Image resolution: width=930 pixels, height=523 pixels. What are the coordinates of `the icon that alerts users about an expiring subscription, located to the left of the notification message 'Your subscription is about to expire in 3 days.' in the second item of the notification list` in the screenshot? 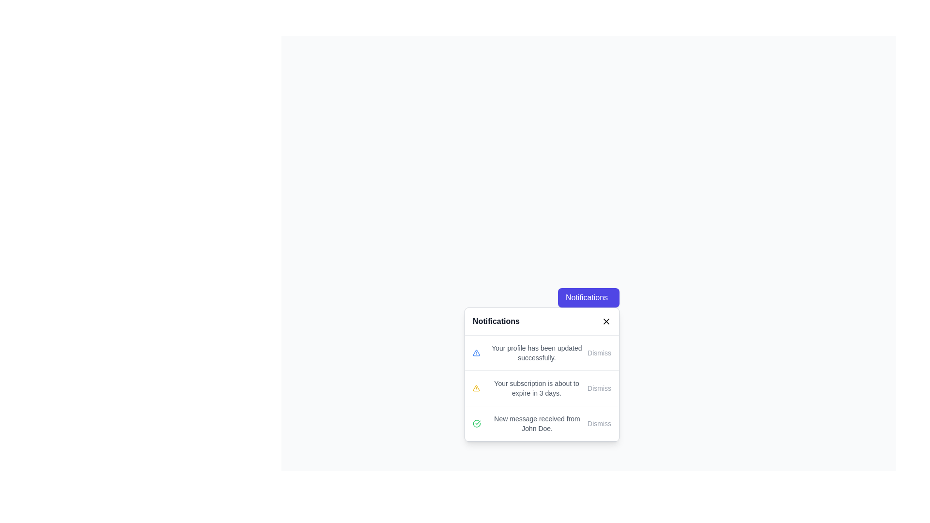 It's located at (476, 388).